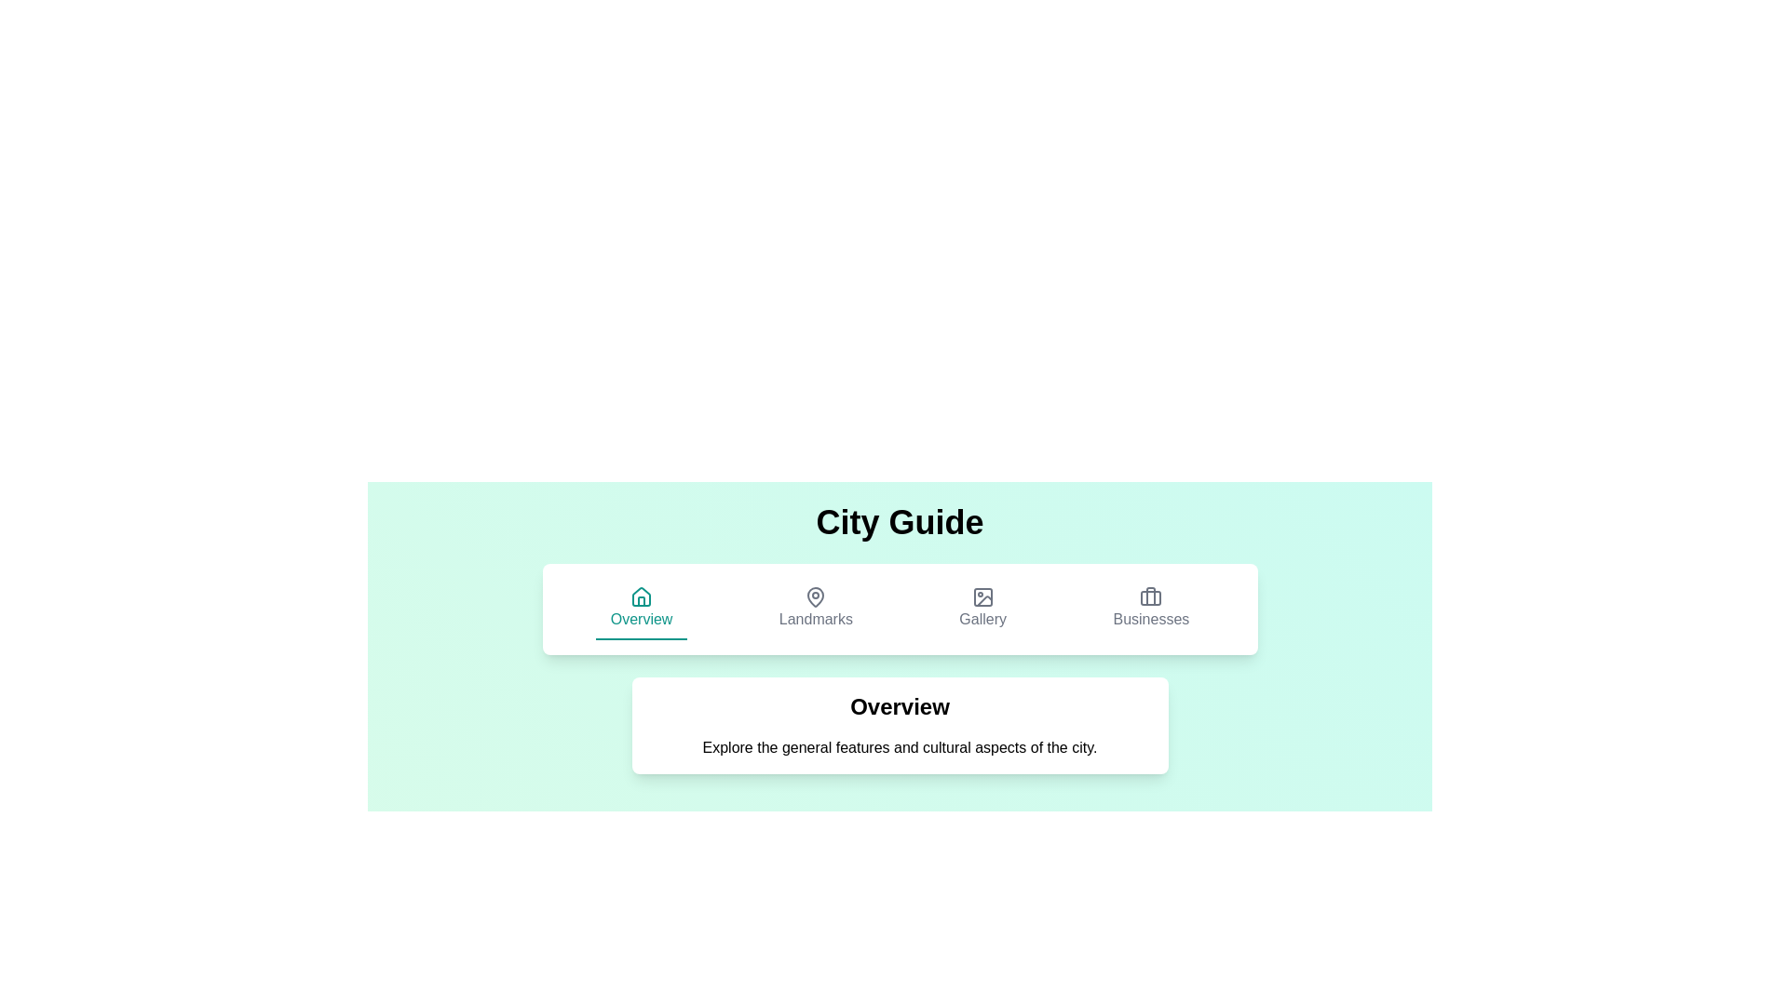 The image size is (1788, 1005). What do you see at coordinates (642, 610) in the screenshot?
I see `the navigation button on the left side of the toolbar` at bounding box center [642, 610].